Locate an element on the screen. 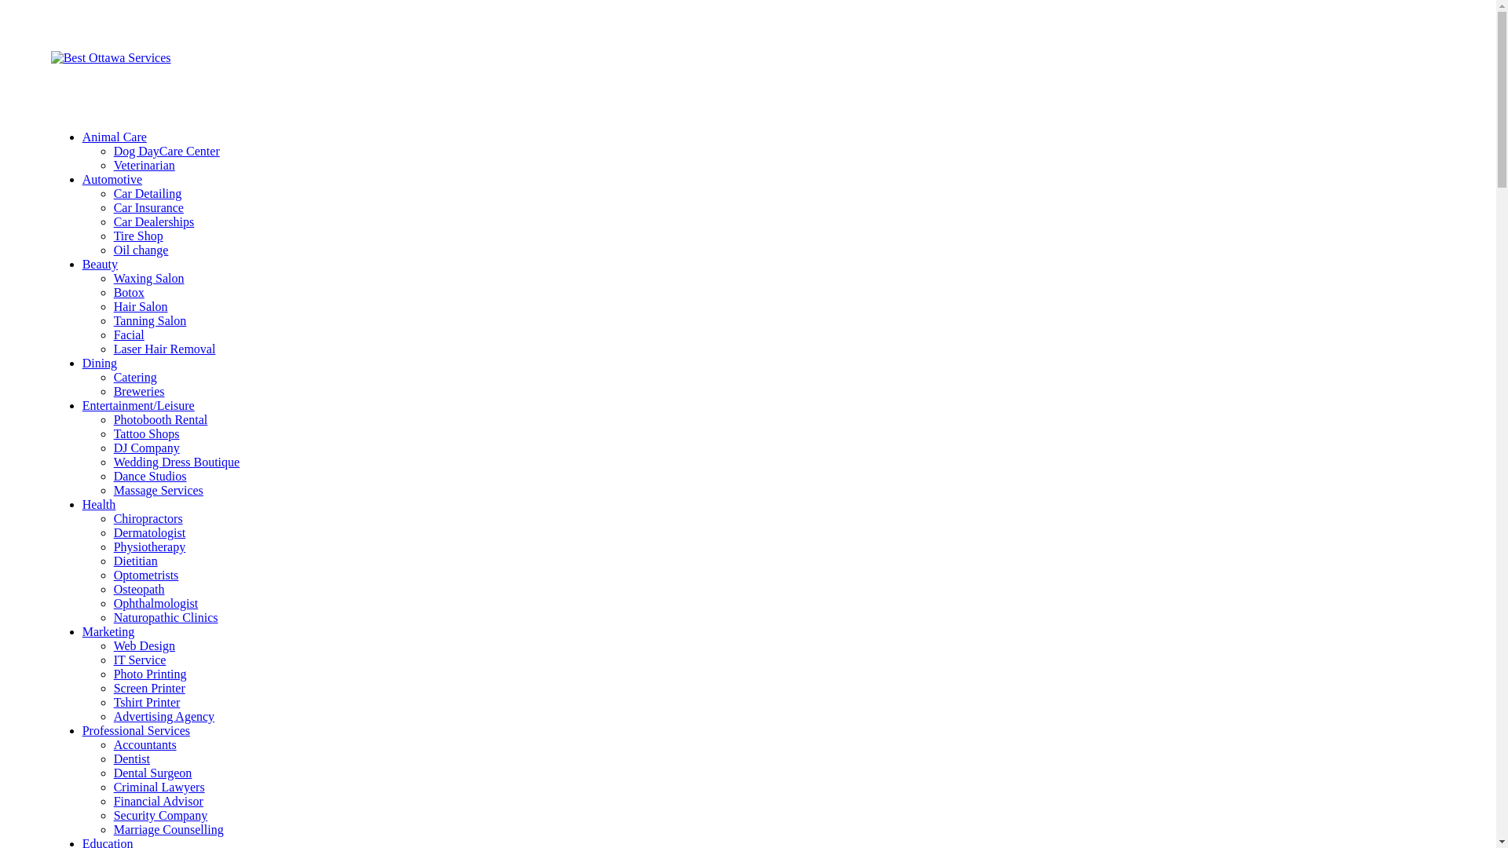  'Beauty' is located at coordinates (99, 263).